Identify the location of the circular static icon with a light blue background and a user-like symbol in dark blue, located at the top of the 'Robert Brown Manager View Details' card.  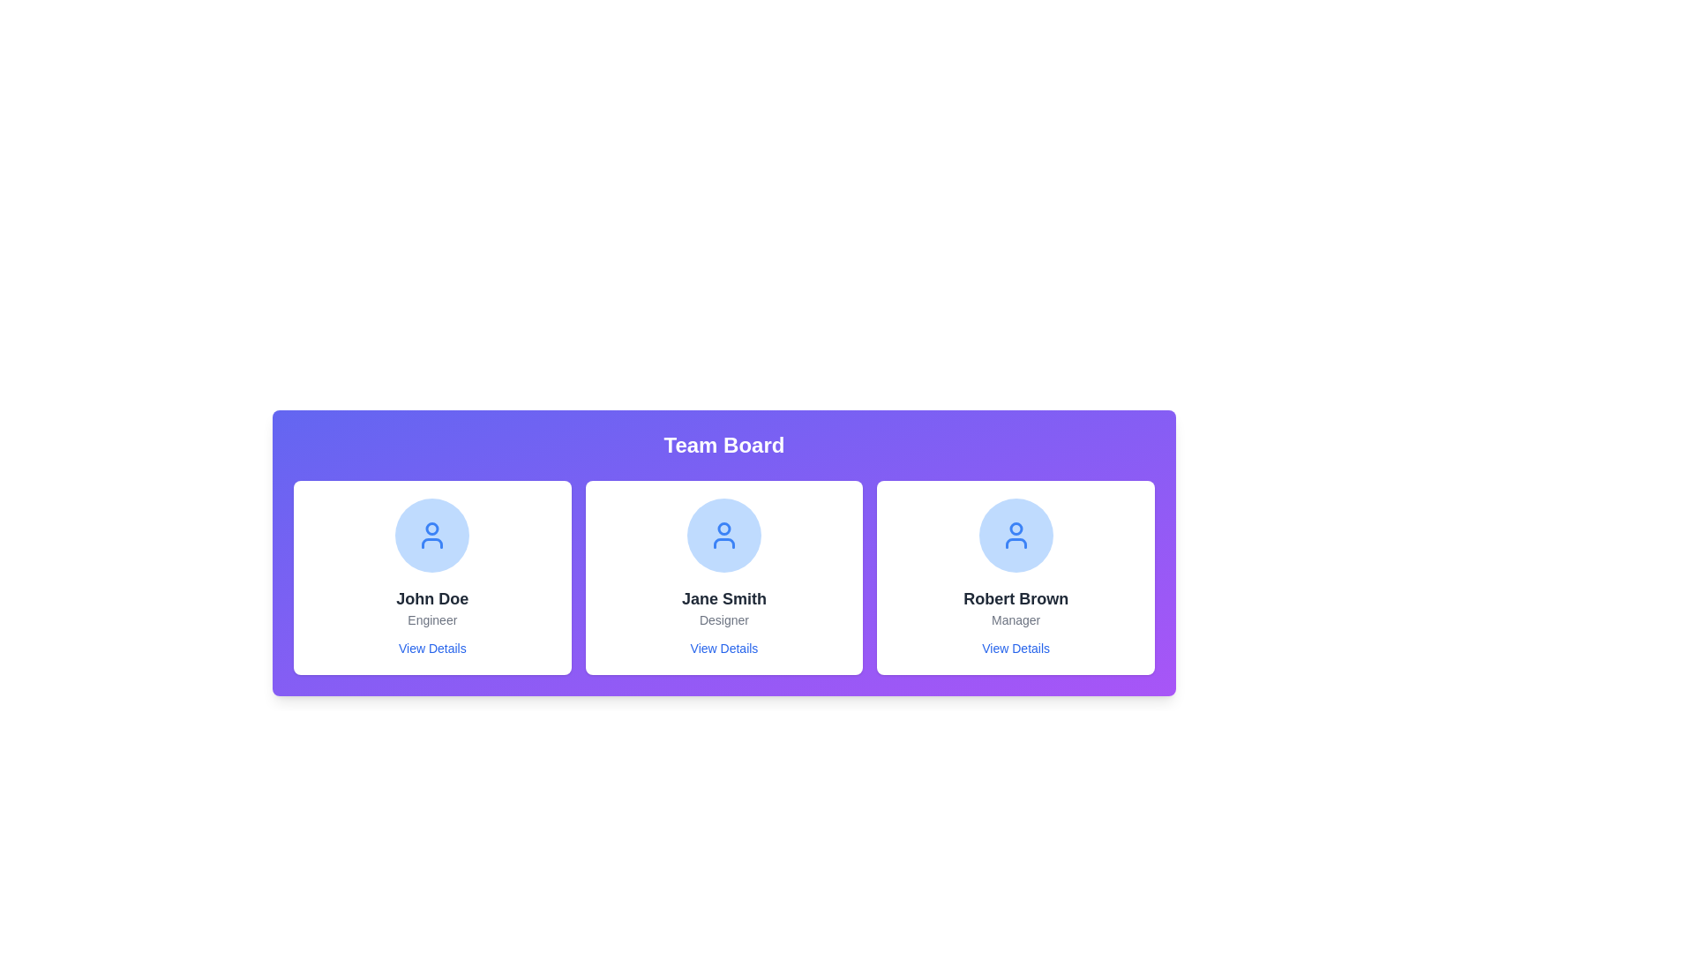
(1016, 534).